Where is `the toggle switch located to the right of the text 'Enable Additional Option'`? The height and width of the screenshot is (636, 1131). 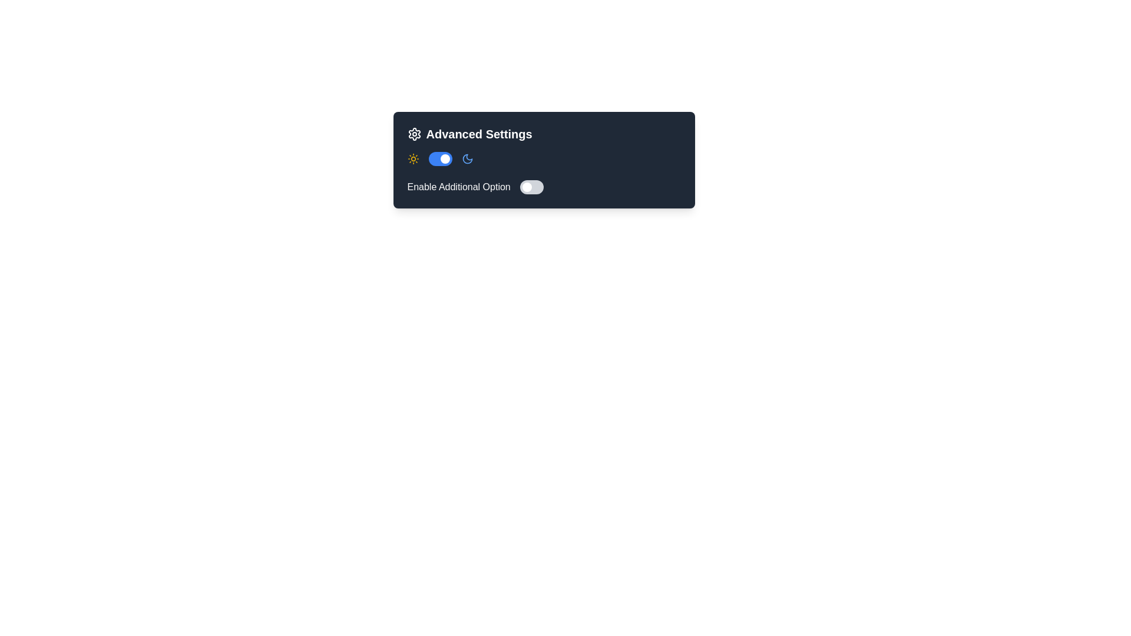
the toggle switch located to the right of the text 'Enable Additional Option' is located at coordinates (531, 186).